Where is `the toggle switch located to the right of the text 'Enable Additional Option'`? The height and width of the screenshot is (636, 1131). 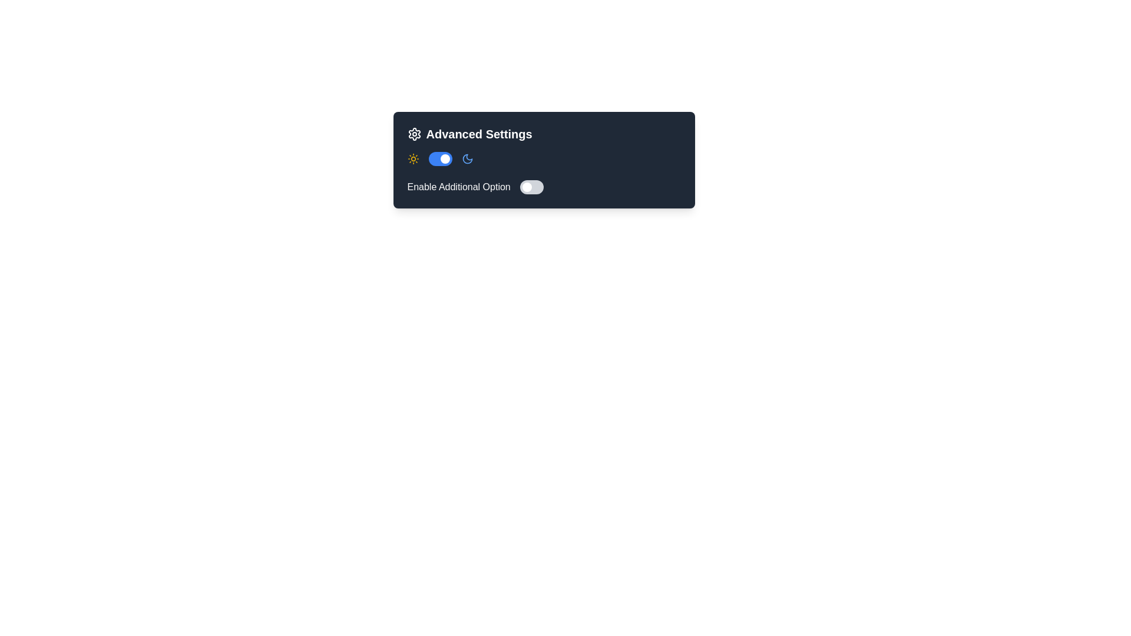
the toggle switch located to the right of the text 'Enable Additional Option' is located at coordinates (531, 186).